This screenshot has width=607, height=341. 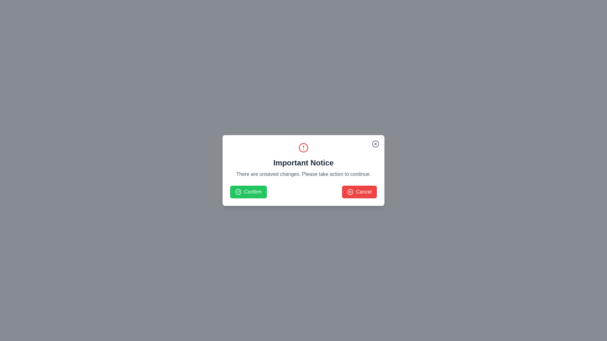 What do you see at coordinates (376, 144) in the screenshot?
I see `the circular button with an 'X' symbol inside, located at the top-right corner of the 'Important Notice' dialog box` at bounding box center [376, 144].